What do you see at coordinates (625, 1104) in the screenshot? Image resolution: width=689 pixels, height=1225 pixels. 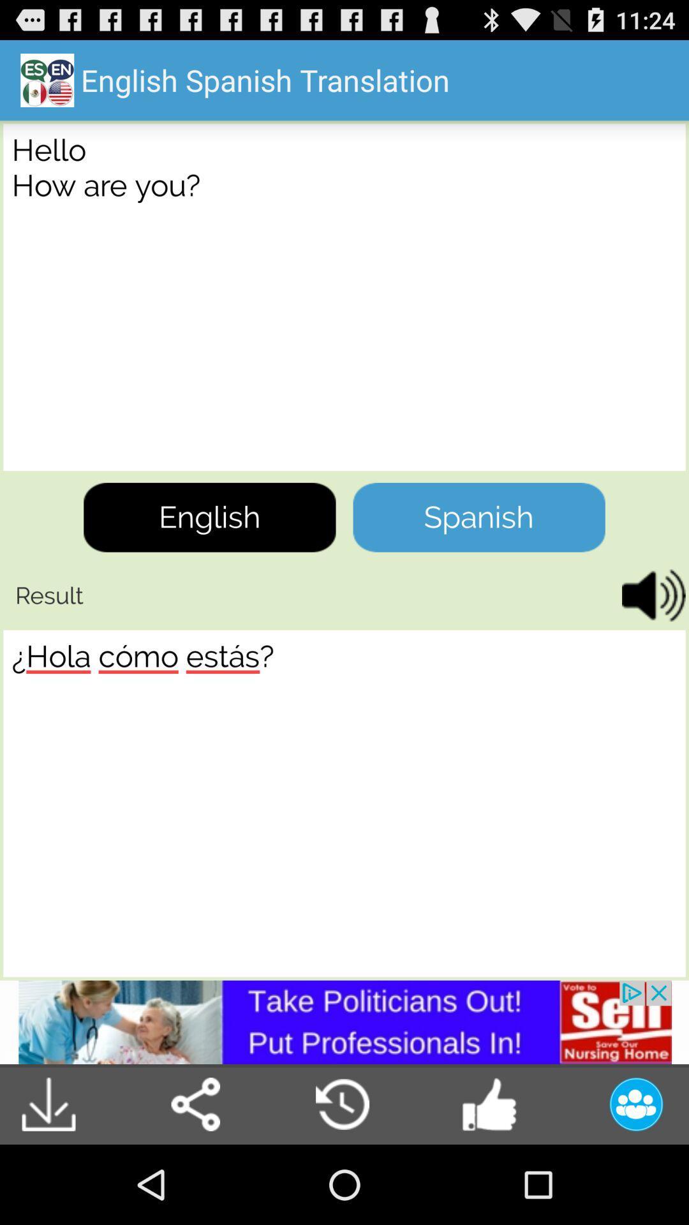 I see `the profile option on the bottom right corner` at bounding box center [625, 1104].